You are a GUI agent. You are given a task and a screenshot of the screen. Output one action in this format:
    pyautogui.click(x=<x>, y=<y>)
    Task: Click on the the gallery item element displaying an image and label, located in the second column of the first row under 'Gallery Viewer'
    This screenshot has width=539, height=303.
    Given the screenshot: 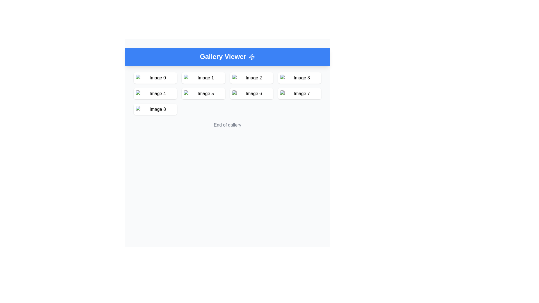 What is the action you would take?
    pyautogui.click(x=203, y=78)
    